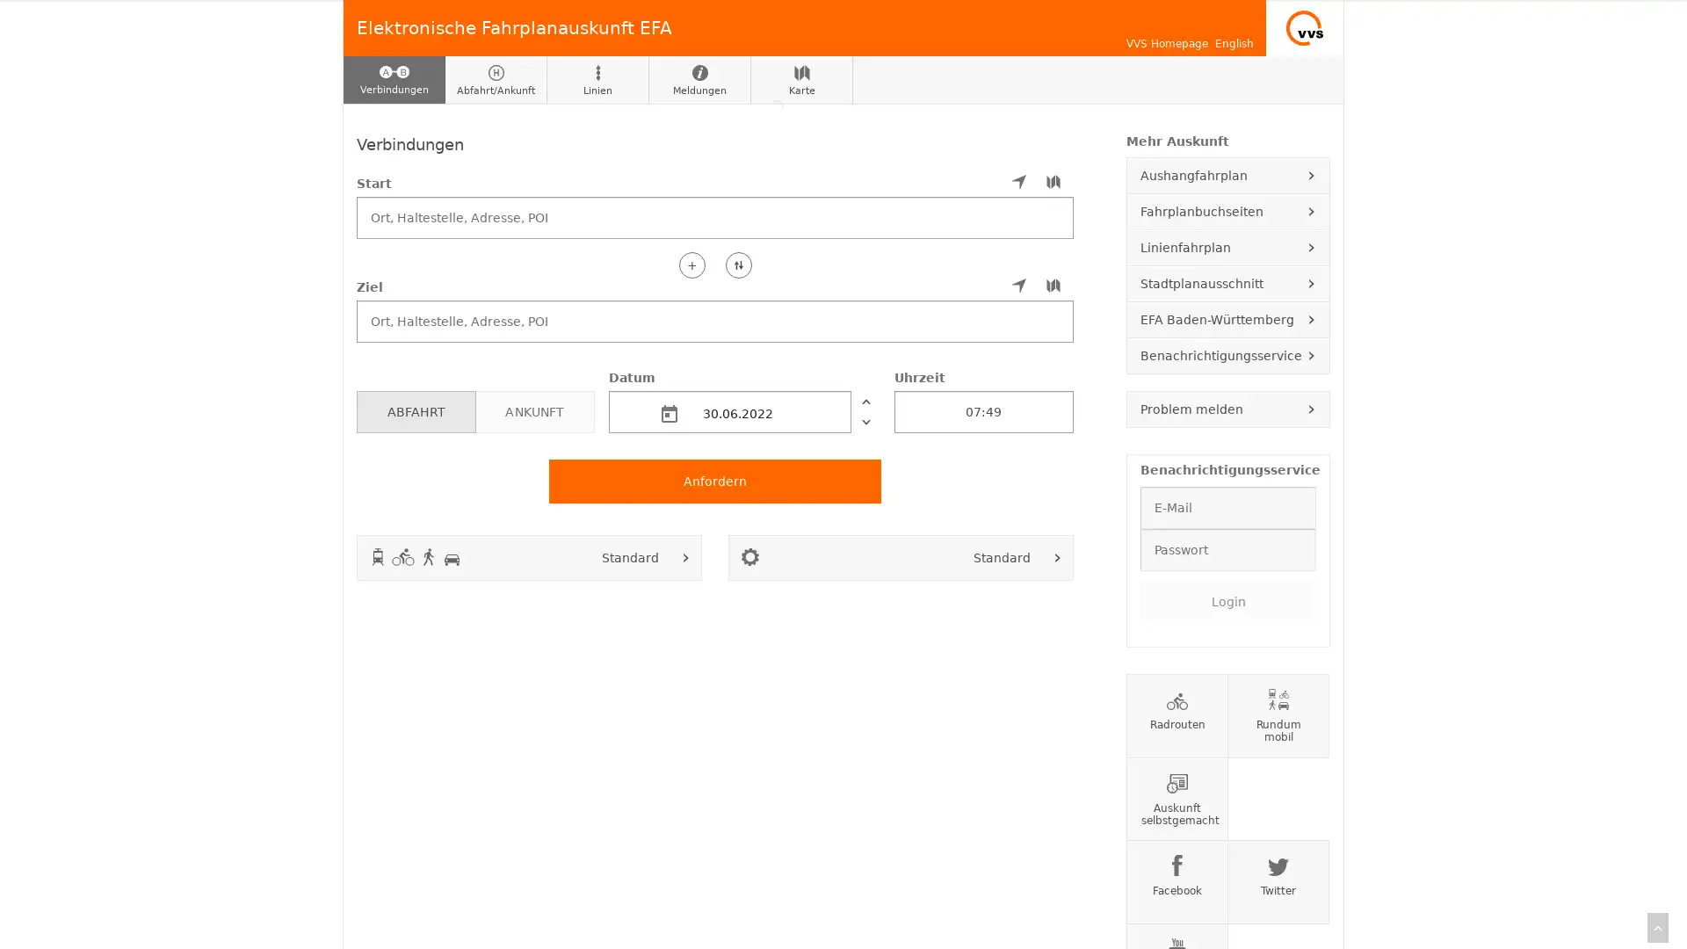  What do you see at coordinates (738, 264) in the screenshot?
I see `Start und Ziel tauschen` at bounding box center [738, 264].